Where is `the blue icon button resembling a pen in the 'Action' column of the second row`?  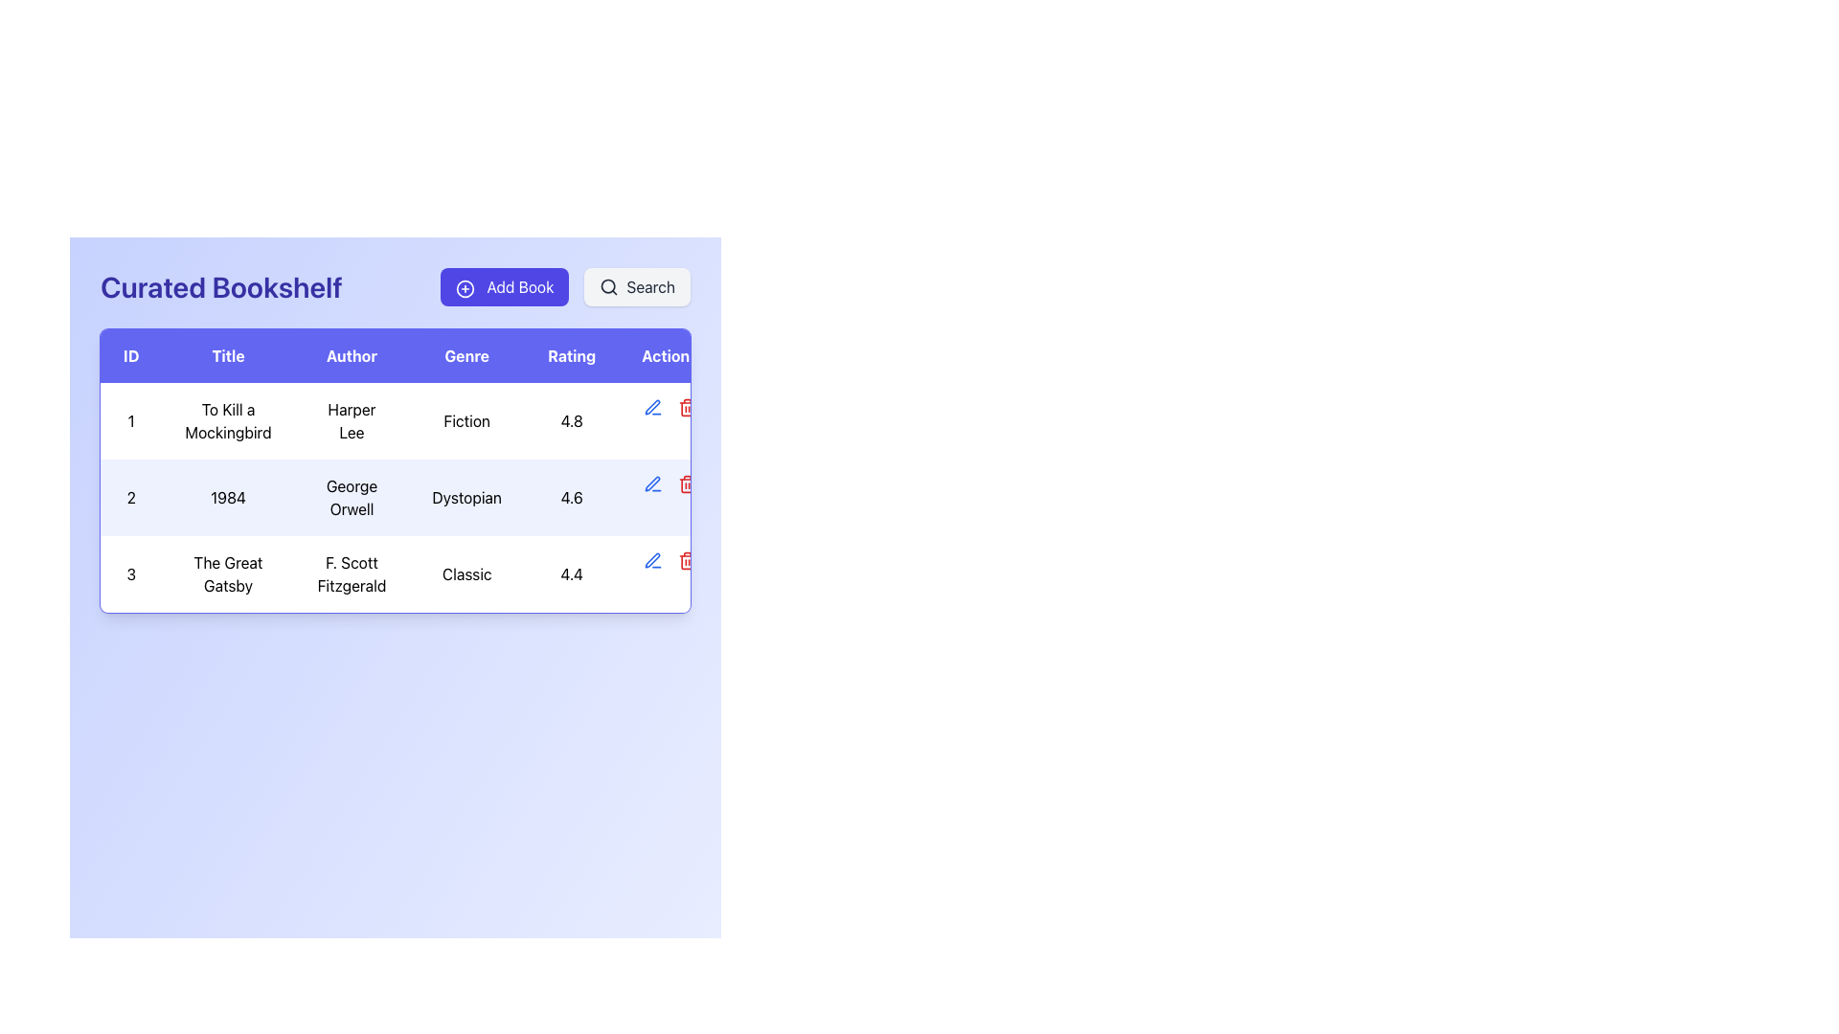 the blue icon button resembling a pen in the 'Action' column of the second row is located at coordinates (652, 406).